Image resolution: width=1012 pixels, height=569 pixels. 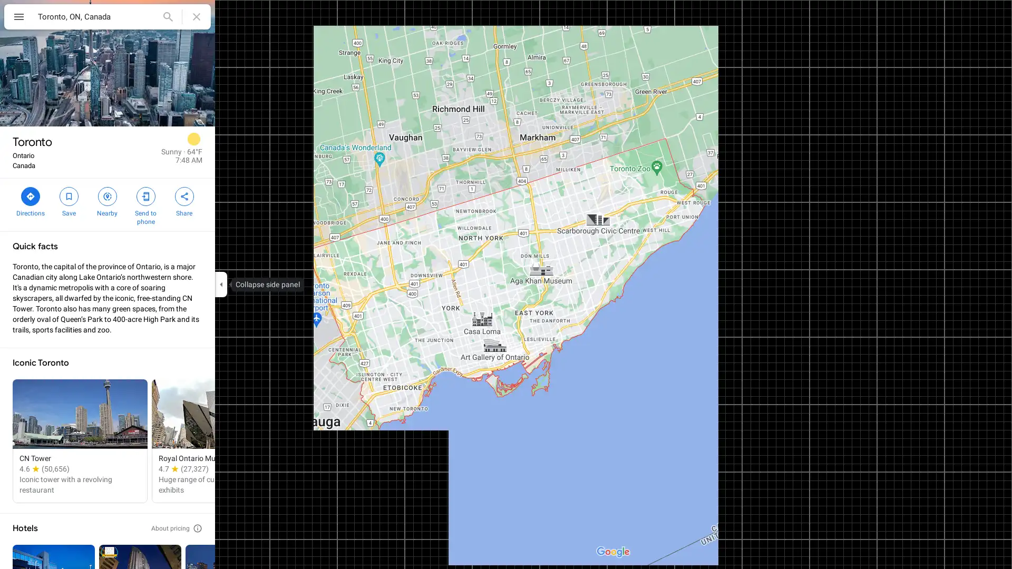 I want to click on Clear search, so click(x=197, y=16).